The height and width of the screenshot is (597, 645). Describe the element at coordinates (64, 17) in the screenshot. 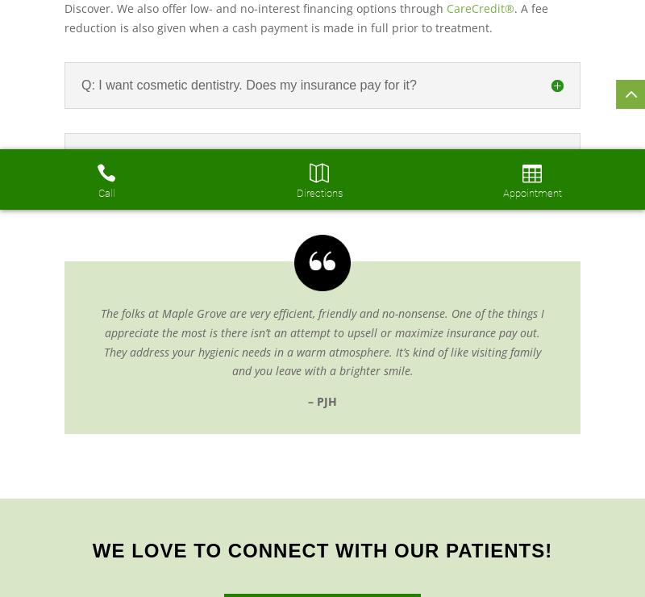

I see `'. A fee reduction is also given when a cash payment is made in full prior to treatment.'` at that location.